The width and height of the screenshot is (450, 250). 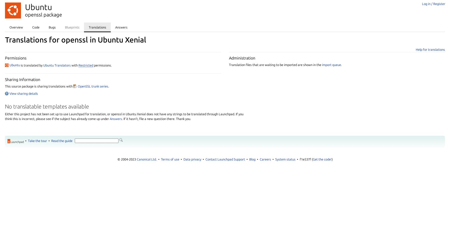 I want to click on 'Overview', so click(x=16, y=27).